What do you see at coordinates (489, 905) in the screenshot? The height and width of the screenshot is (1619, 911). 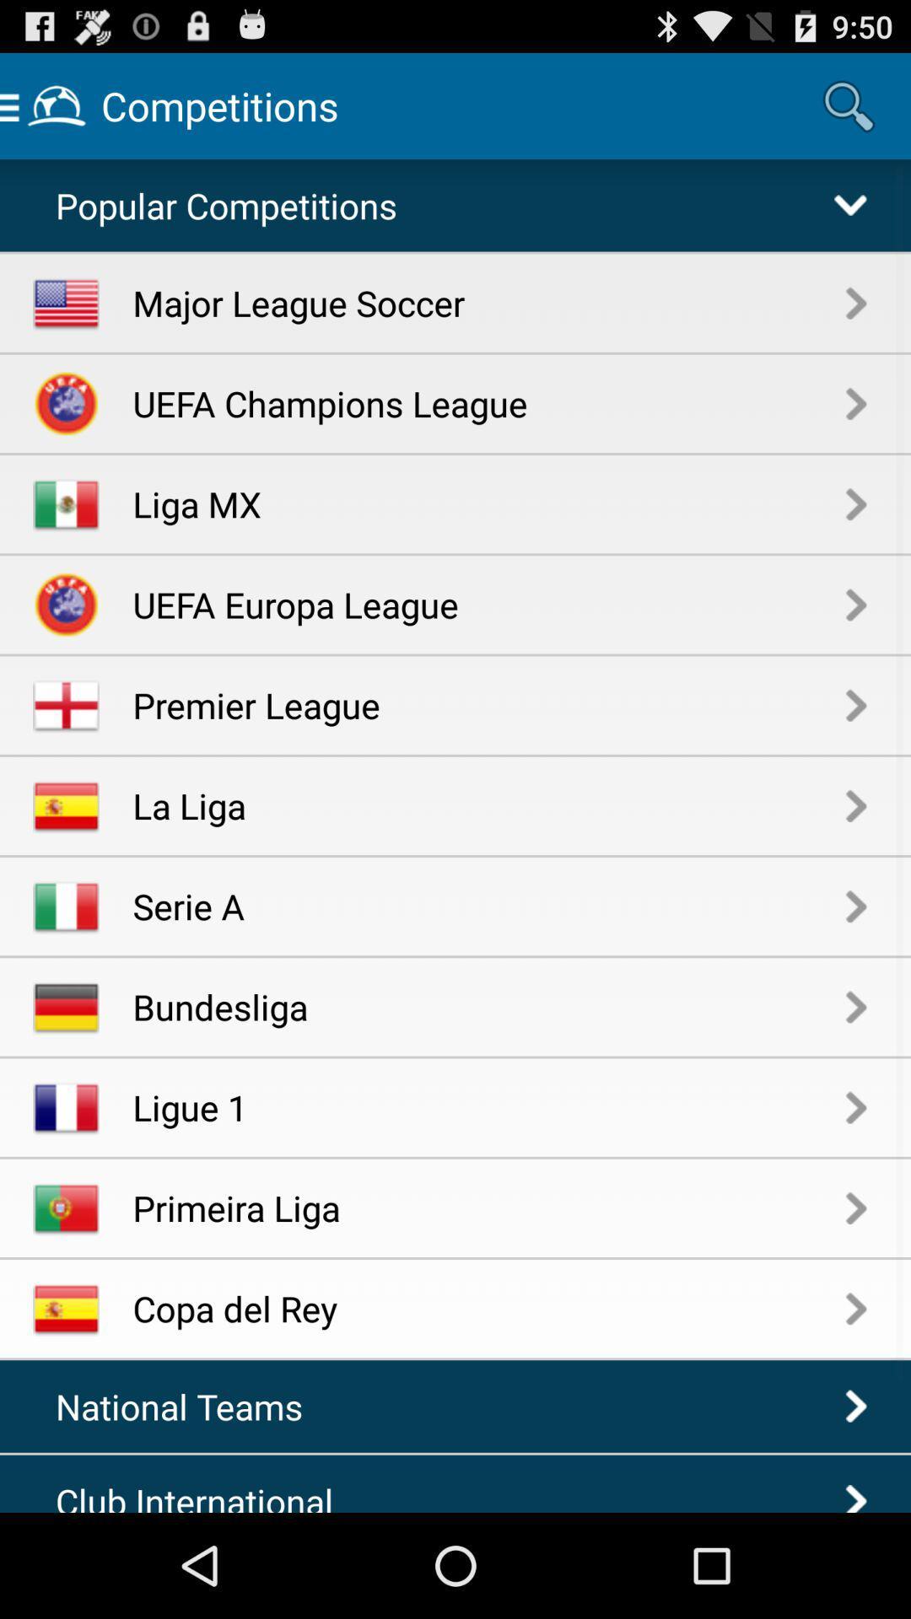 I see `item above the bundesliga app` at bounding box center [489, 905].